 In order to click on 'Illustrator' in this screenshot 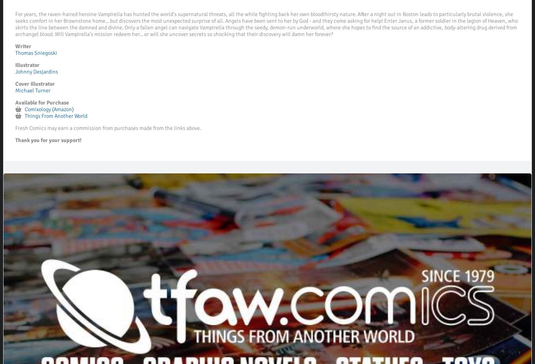, I will do `click(27, 65)`.